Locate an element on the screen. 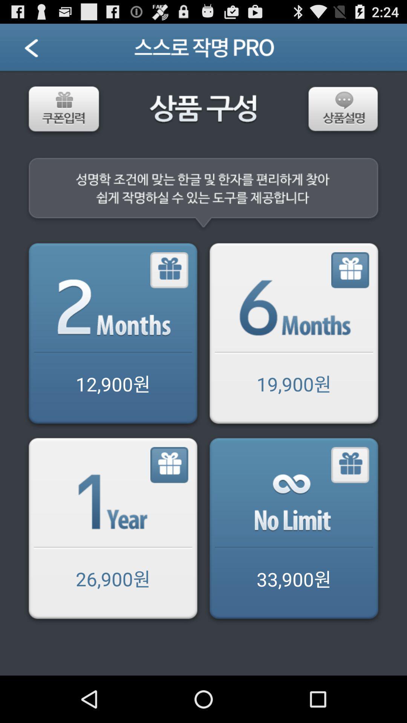 This screenshot has height=723, width=407. 1 year gift option is located at coordinates (170, 465).